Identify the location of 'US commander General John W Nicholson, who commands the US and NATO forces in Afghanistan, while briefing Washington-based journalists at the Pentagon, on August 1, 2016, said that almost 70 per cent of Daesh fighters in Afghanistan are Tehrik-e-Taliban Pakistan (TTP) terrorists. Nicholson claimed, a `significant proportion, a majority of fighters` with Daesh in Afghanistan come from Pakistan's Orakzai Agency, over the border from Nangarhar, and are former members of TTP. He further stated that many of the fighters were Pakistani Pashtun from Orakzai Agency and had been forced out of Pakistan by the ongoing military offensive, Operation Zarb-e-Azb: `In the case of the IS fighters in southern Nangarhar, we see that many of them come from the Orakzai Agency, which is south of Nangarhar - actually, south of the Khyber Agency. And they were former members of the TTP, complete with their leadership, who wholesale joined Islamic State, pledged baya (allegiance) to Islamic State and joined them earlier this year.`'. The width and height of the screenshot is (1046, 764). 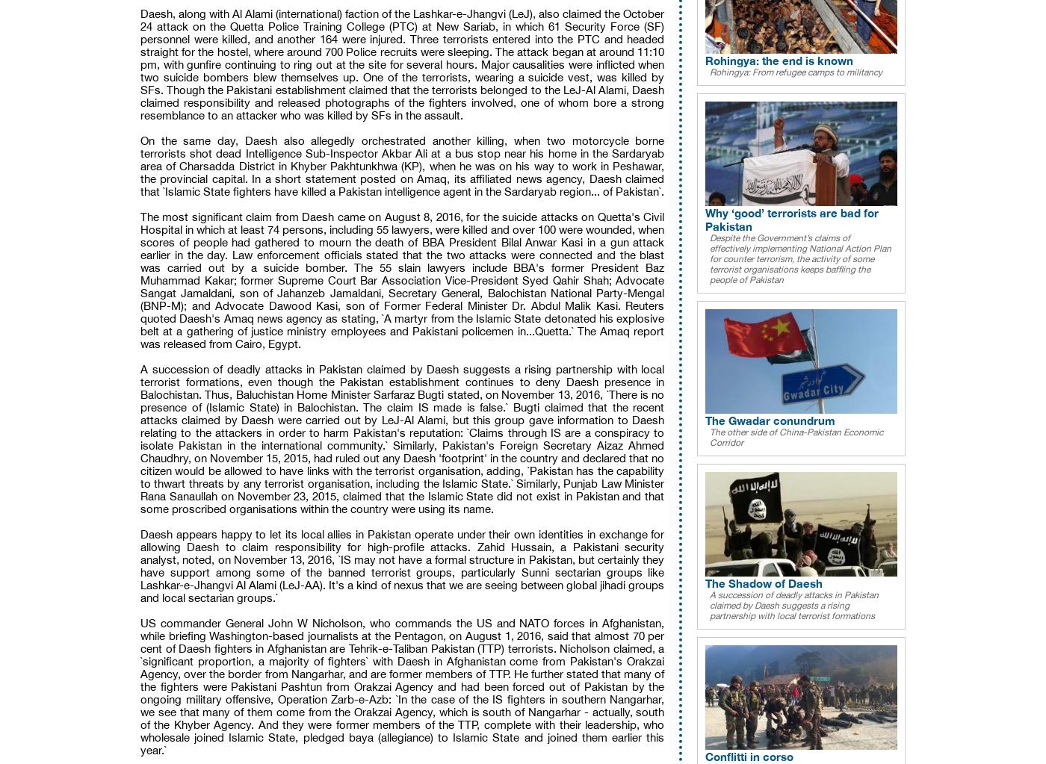
(402, 686).